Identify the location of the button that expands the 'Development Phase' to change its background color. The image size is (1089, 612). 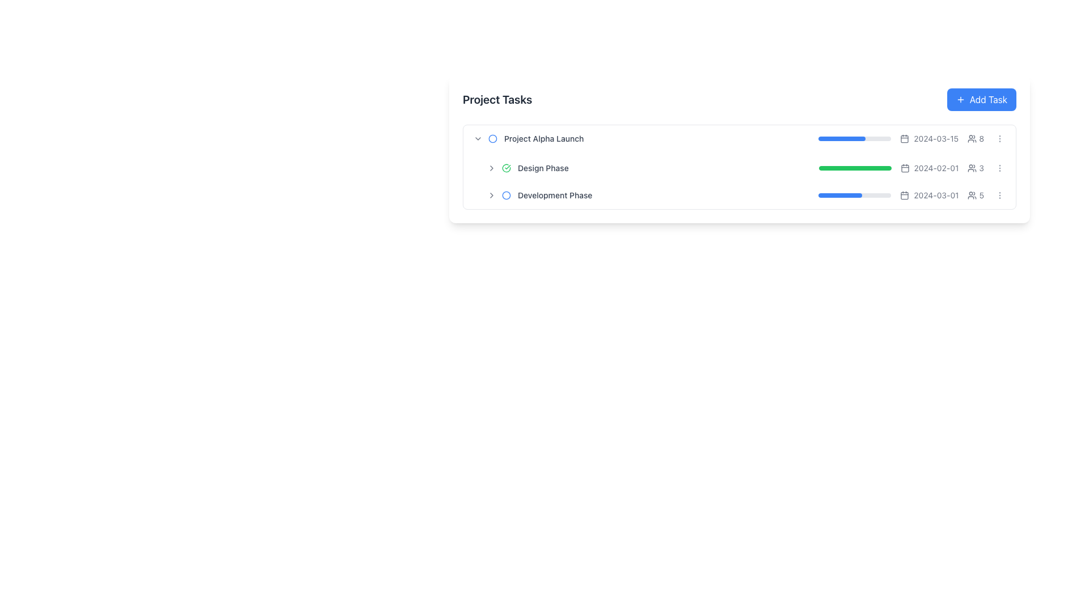
(492, 194).